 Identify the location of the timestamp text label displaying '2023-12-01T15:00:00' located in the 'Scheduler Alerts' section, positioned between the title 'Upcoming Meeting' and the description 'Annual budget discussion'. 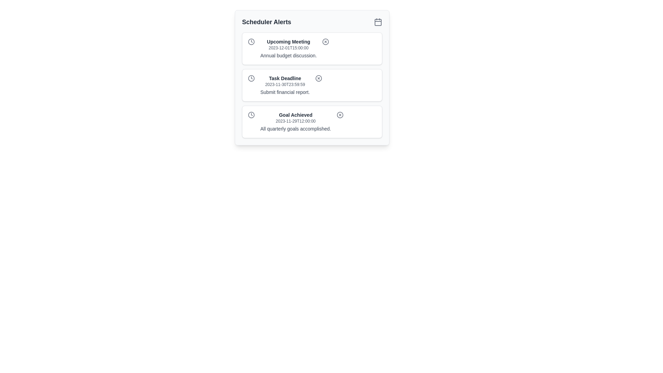
(288, 47).